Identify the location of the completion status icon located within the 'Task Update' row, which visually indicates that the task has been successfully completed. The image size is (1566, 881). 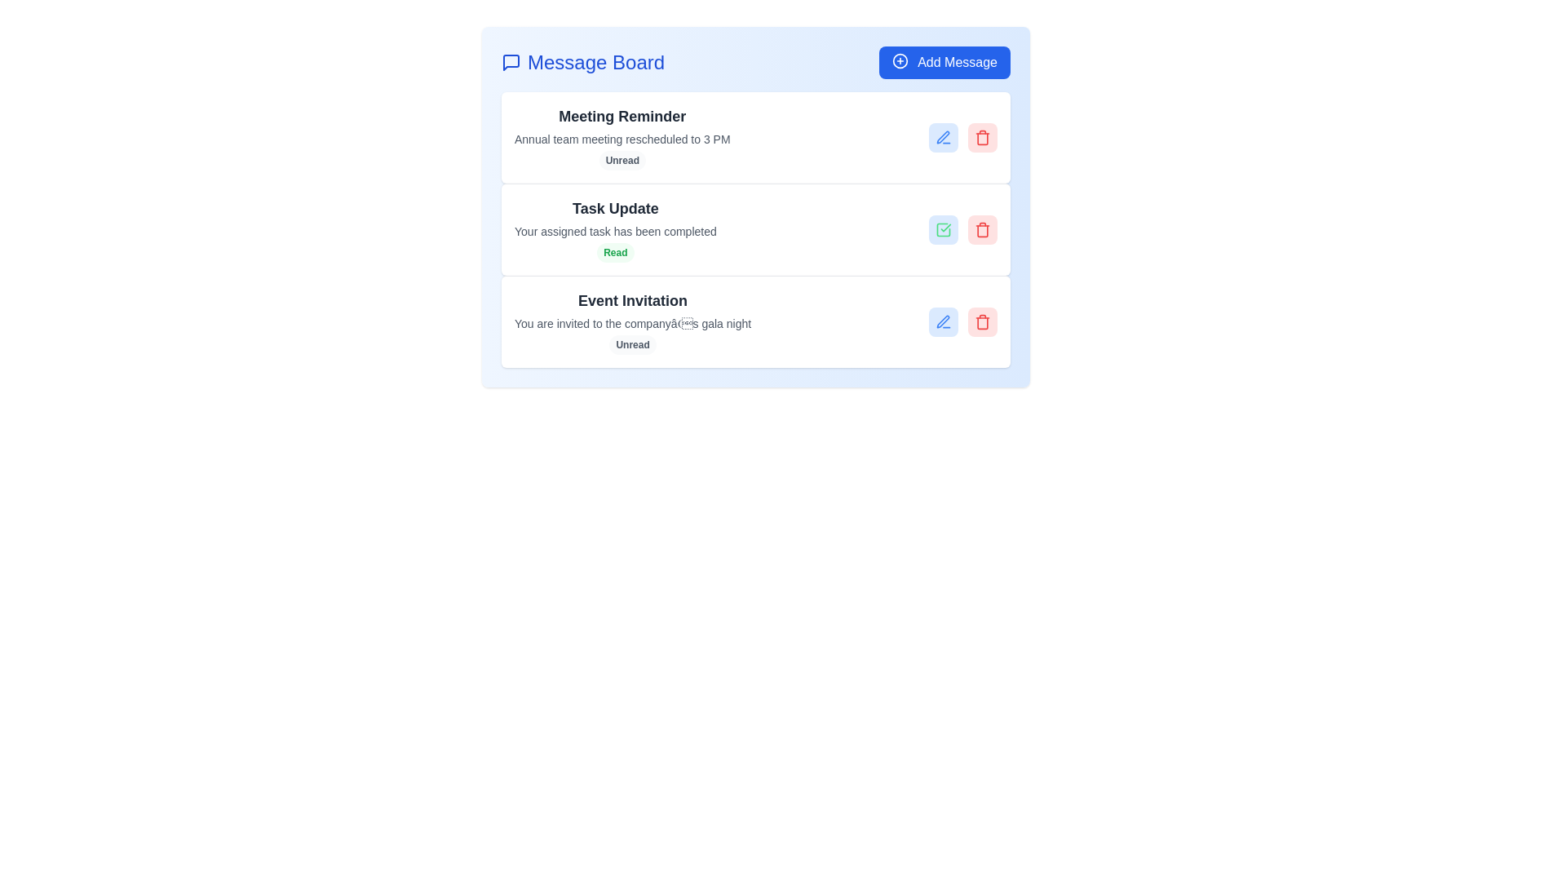
(943, 229).